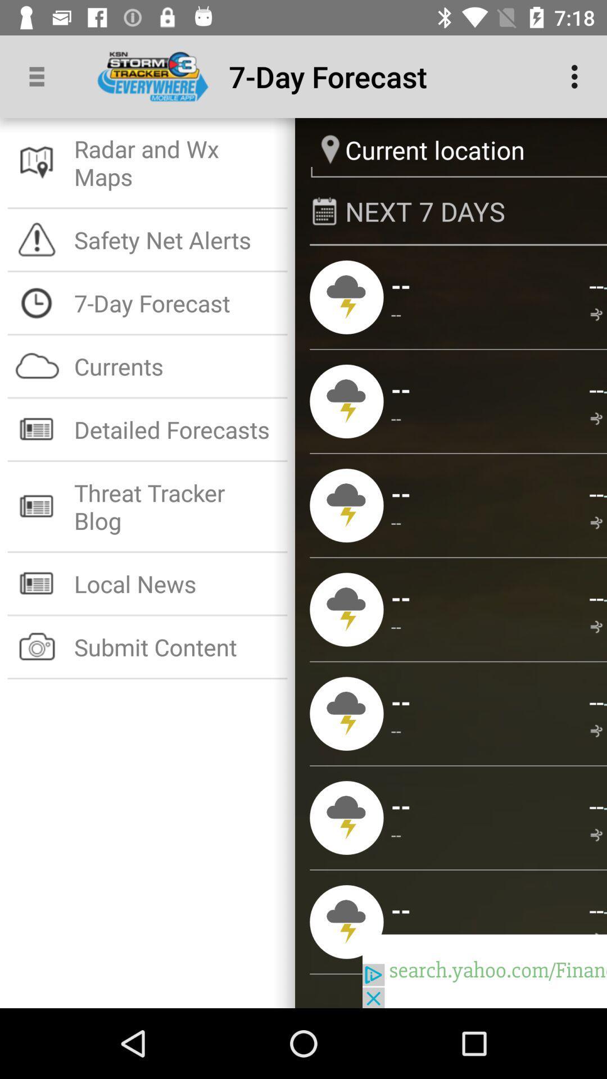 Image resolution: width=607 pixels, height=1079 pixels. Describe the element at coordinates (396, 314) in the screenshot. I see `-- app` at that location.